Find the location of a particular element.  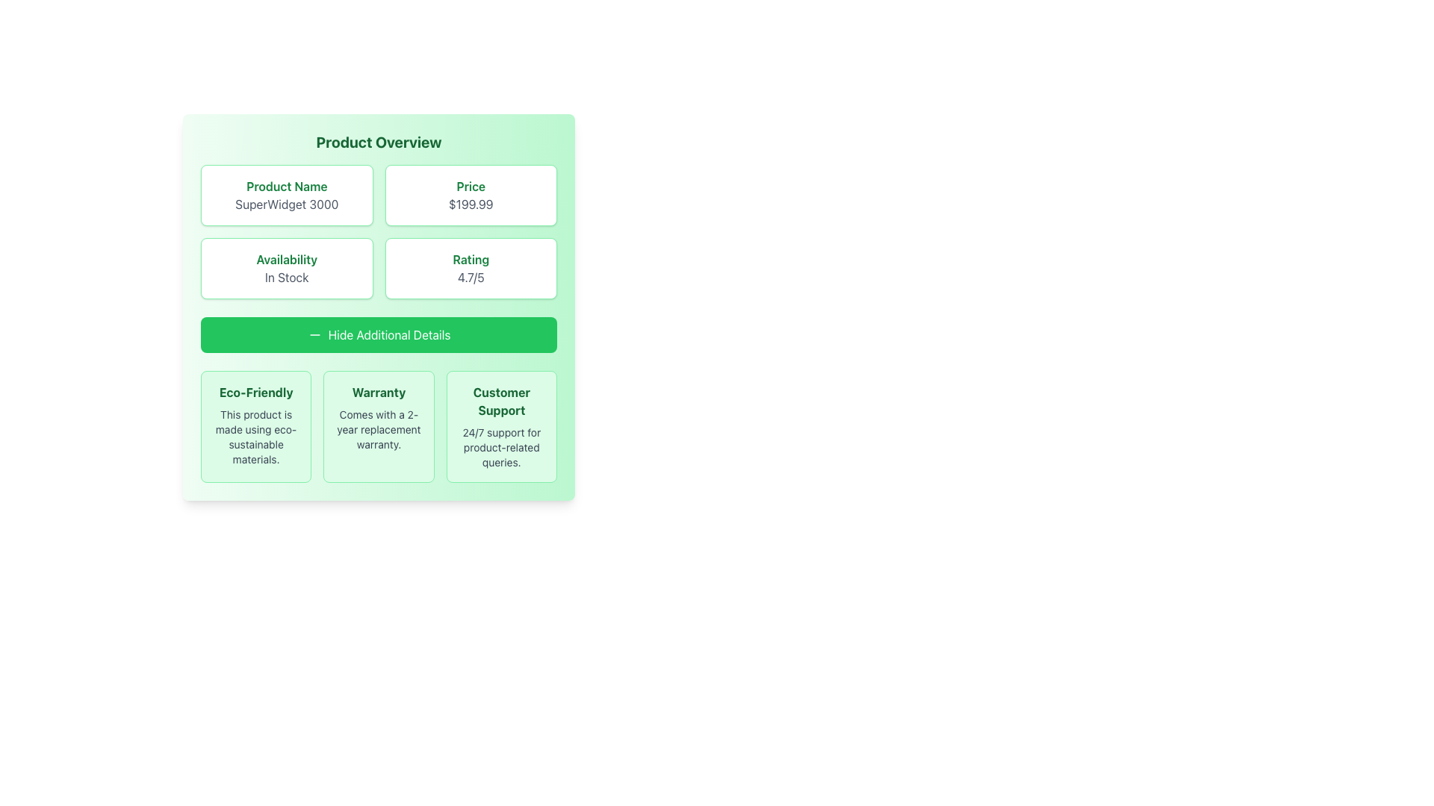

the Text Display element that shows the rating value, located in the right section of a two-column grid layout, beneath the 'Rating' label is located at coordinates (470, 277).